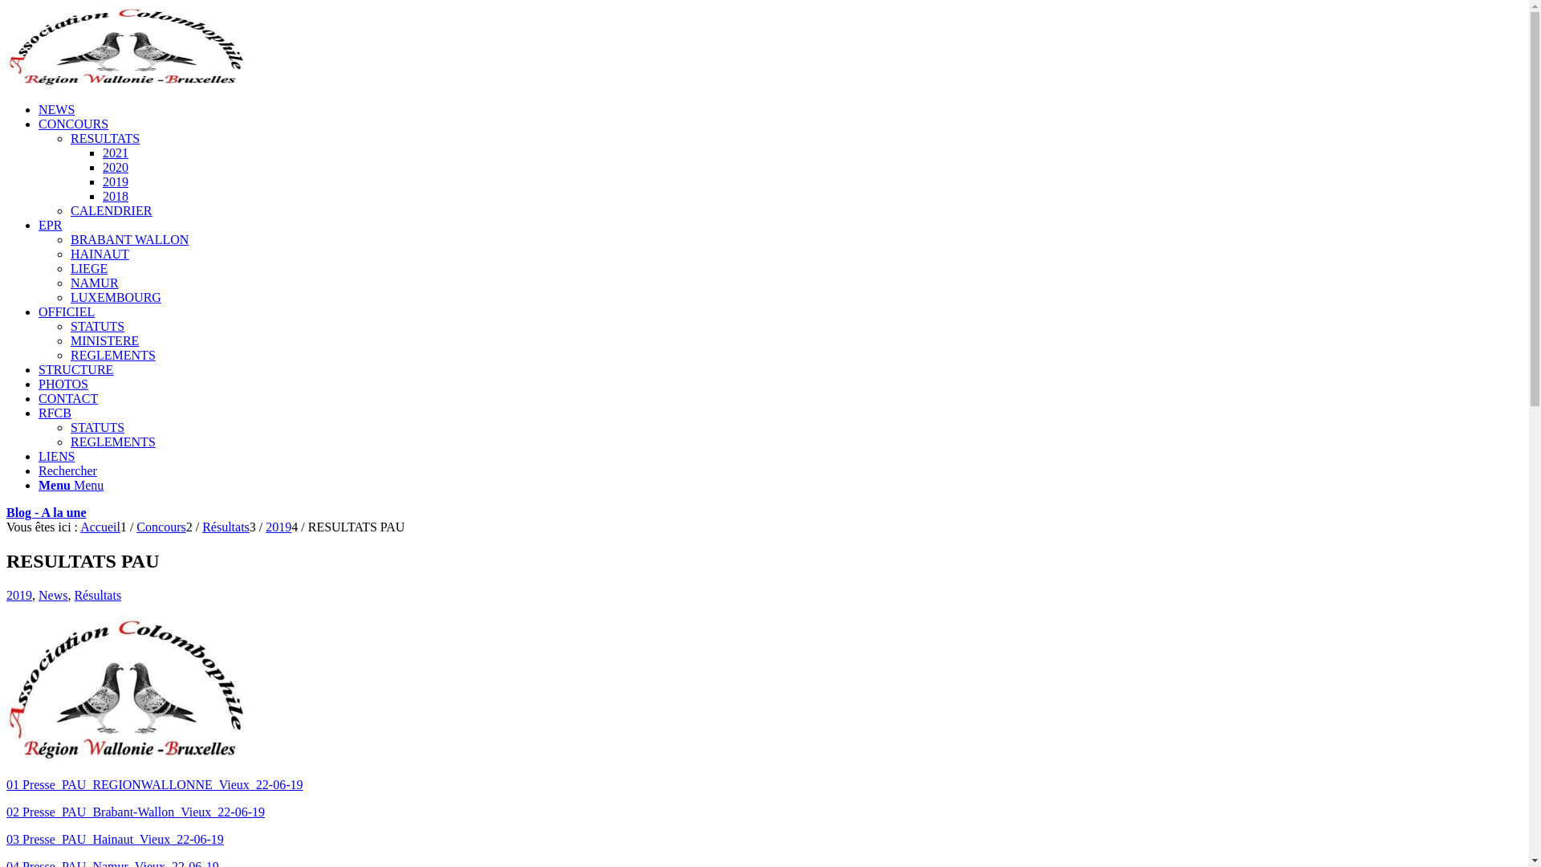 This screenshot has width=1541, height=867. Describe the element at coordinates (72, 123) in the screenshot. I see `'CONCOURS'` at that location.